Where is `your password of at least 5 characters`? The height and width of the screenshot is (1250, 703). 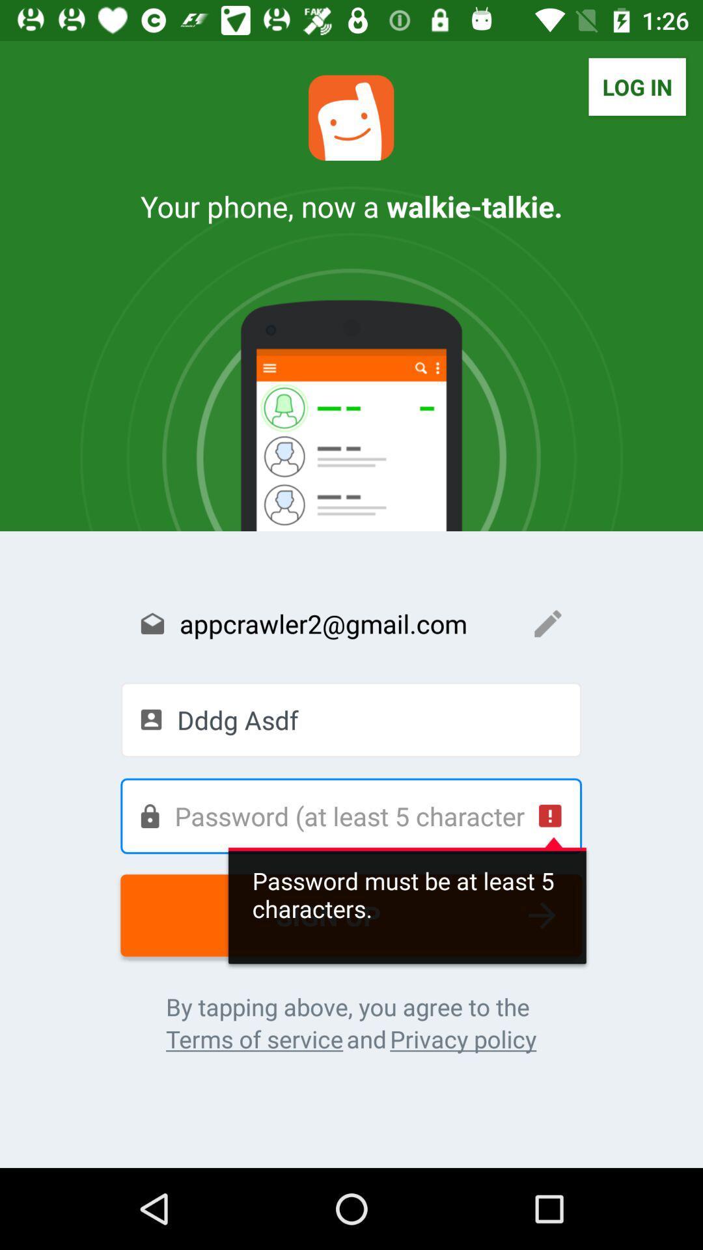
your password of at least 5 characters is located at coordinates (350, 815).